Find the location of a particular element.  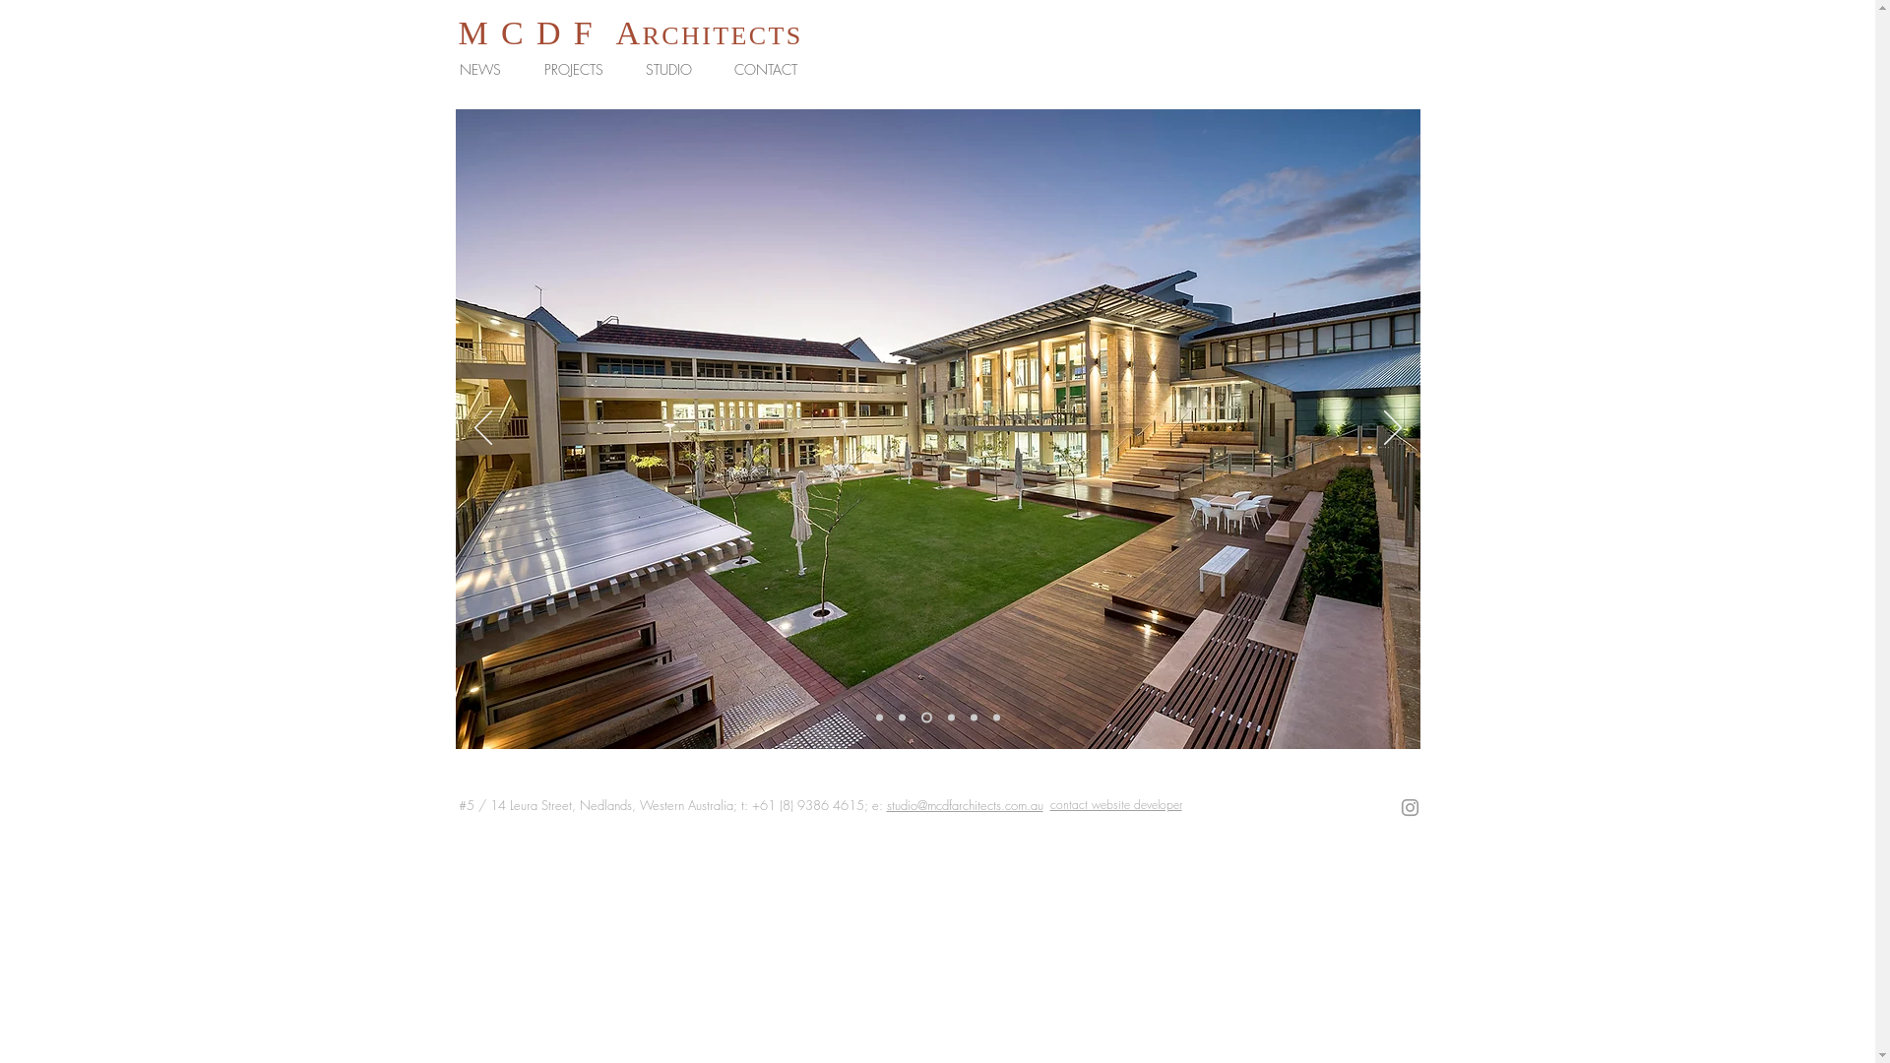

'RCHITECTS' is located at coordinates (721, 35).